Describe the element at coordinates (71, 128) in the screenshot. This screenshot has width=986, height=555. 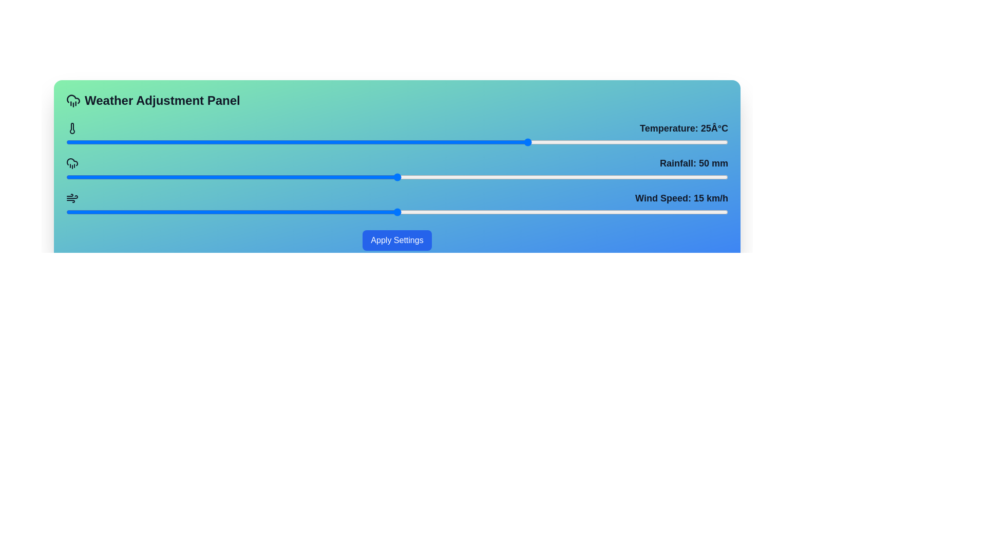
I see `the thermometer icon located on the left side of the panel, below the 'Weather Adjustment Panel' text and adjacent to a horizontal blue bar` at that location.